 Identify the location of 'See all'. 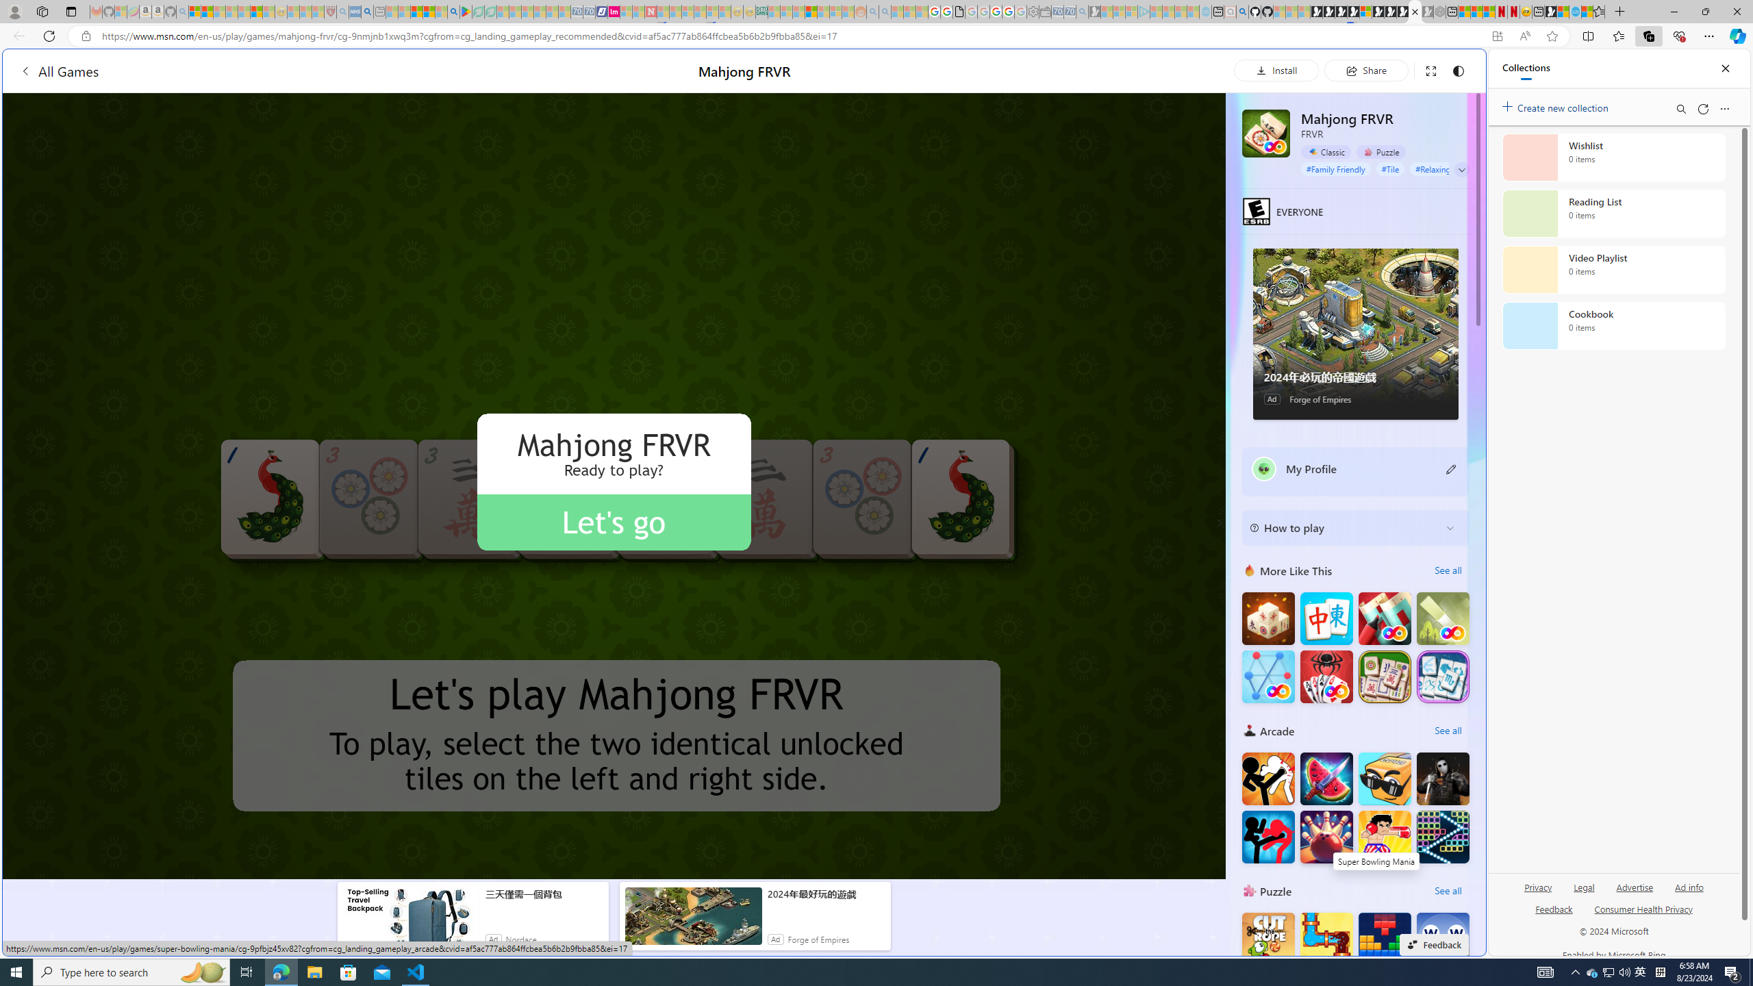
(1447, 891).